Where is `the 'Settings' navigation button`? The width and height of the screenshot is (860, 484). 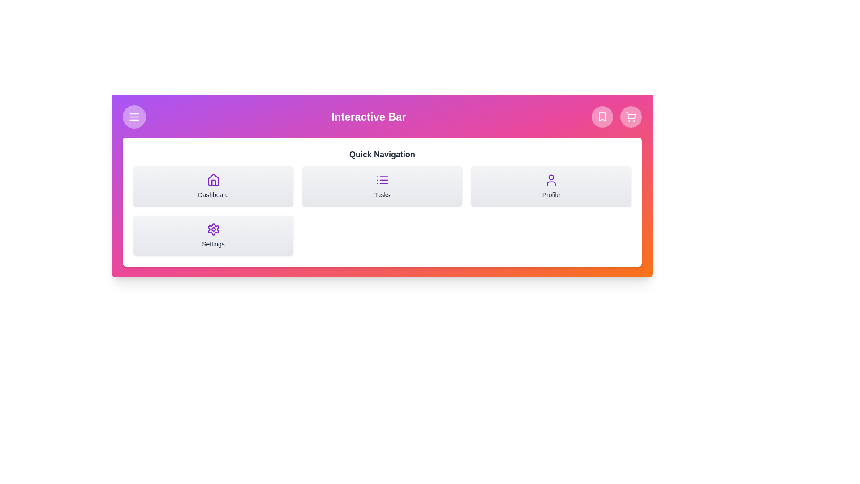
the 'Settings' navigation button is located at coordinates (213, 235).